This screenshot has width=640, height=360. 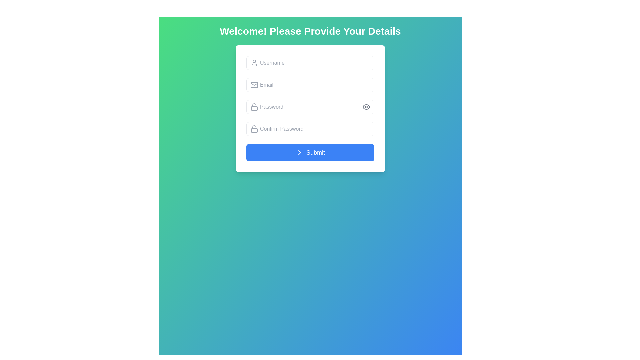 What do you see at coordinates (299, 153) in the screenshot?
I see `the right-pointing chevron icon, which is an SVG graphic element used` at bounding box center [299, 153].